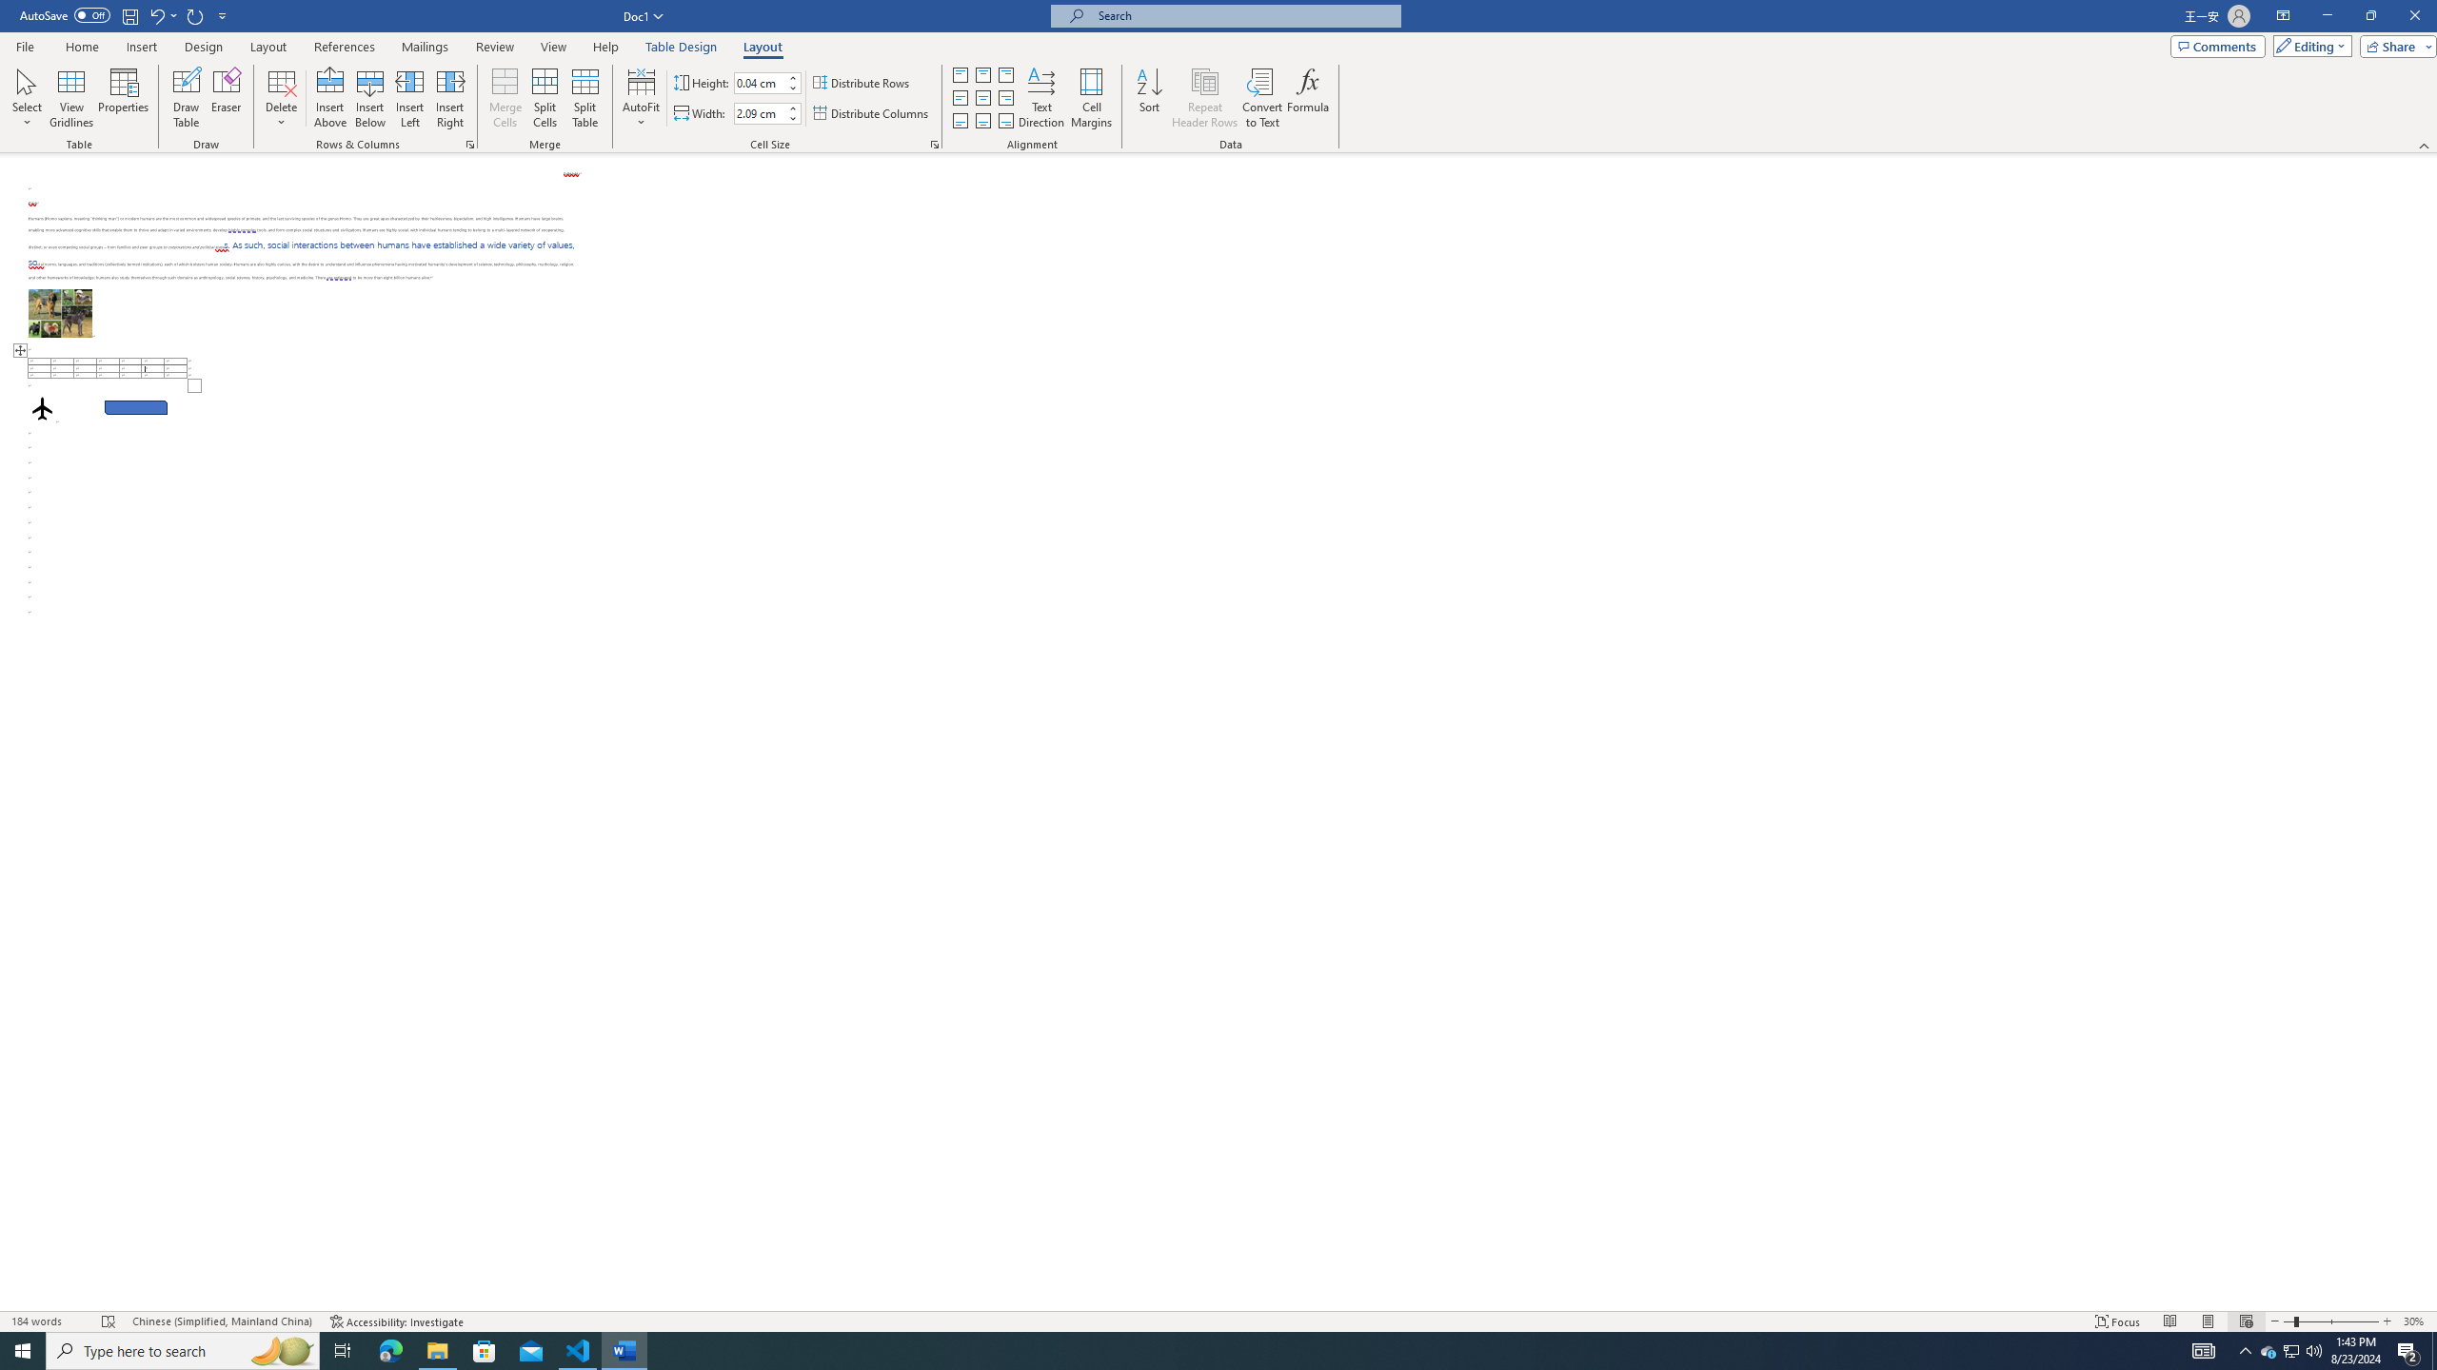  Describe the element at coordinates (27, 98) in the screenshot. I see `'Select'` at that location.